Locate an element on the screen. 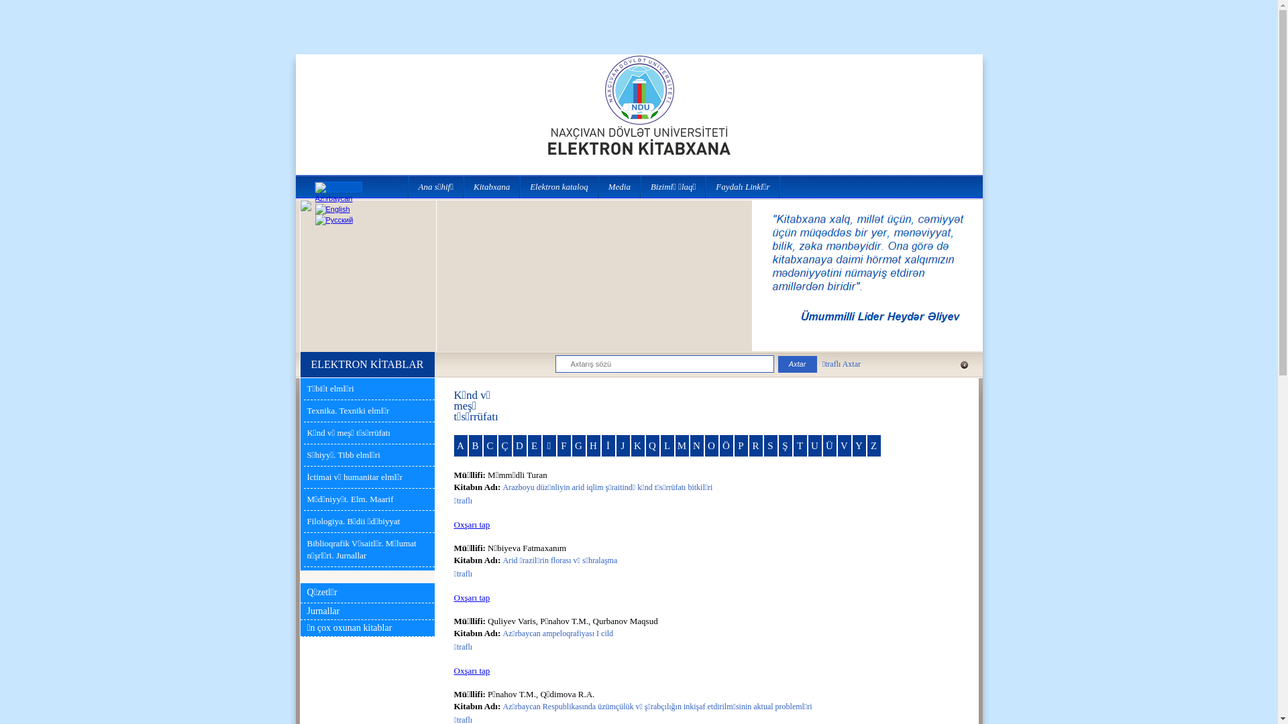  'D' is located at coordinates (519, 445).